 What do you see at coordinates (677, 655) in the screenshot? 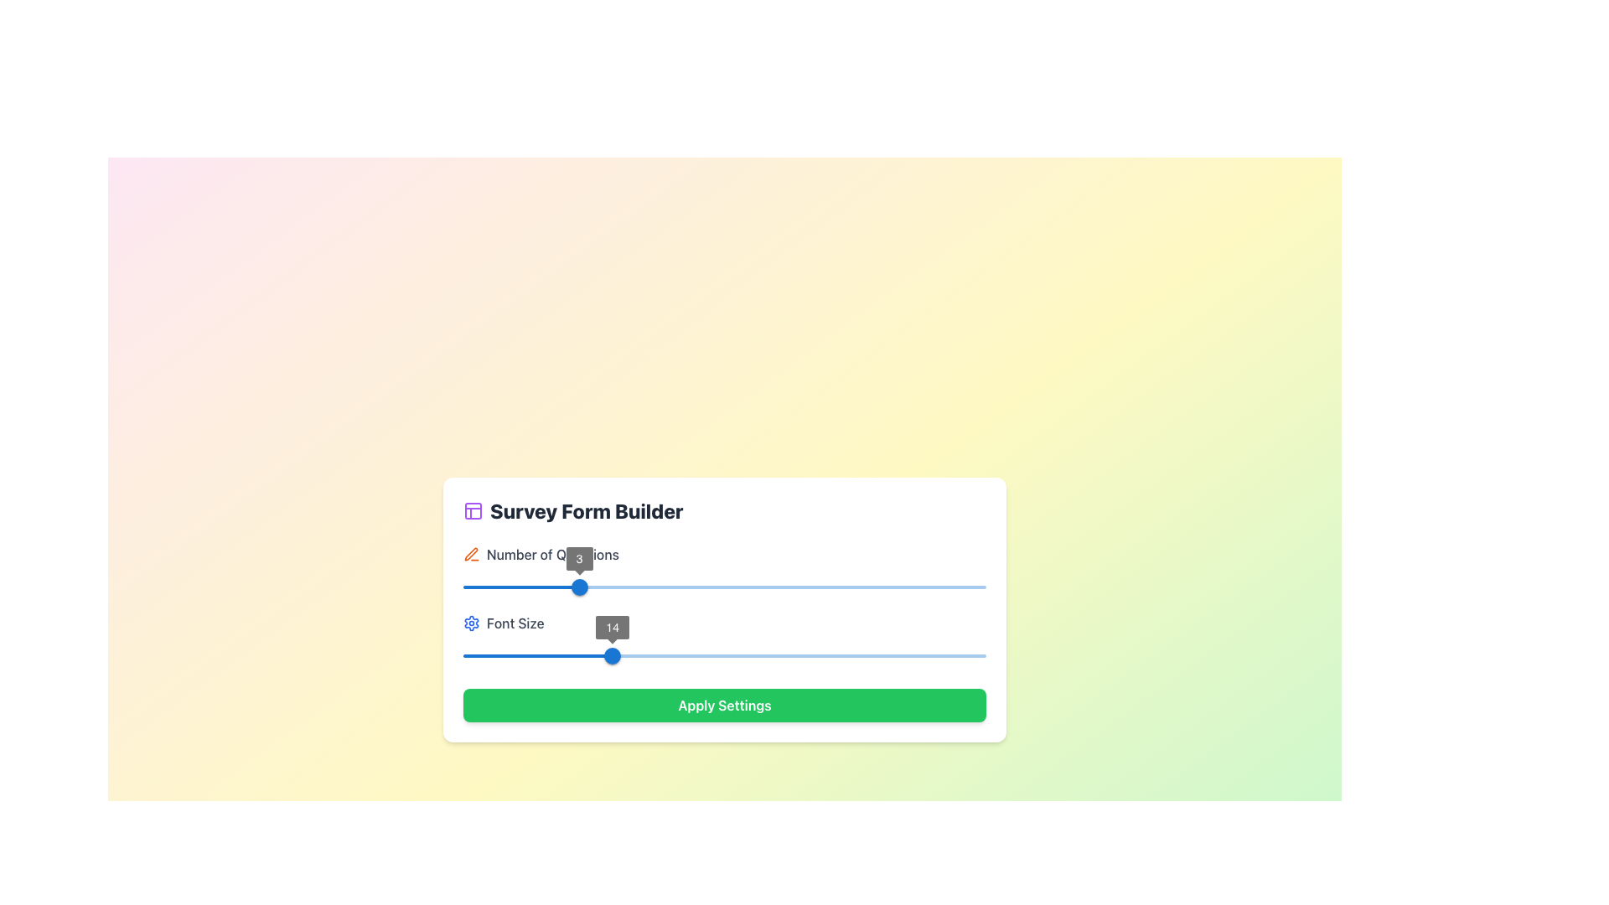
I see `font size` at bounding box center [677, 655].